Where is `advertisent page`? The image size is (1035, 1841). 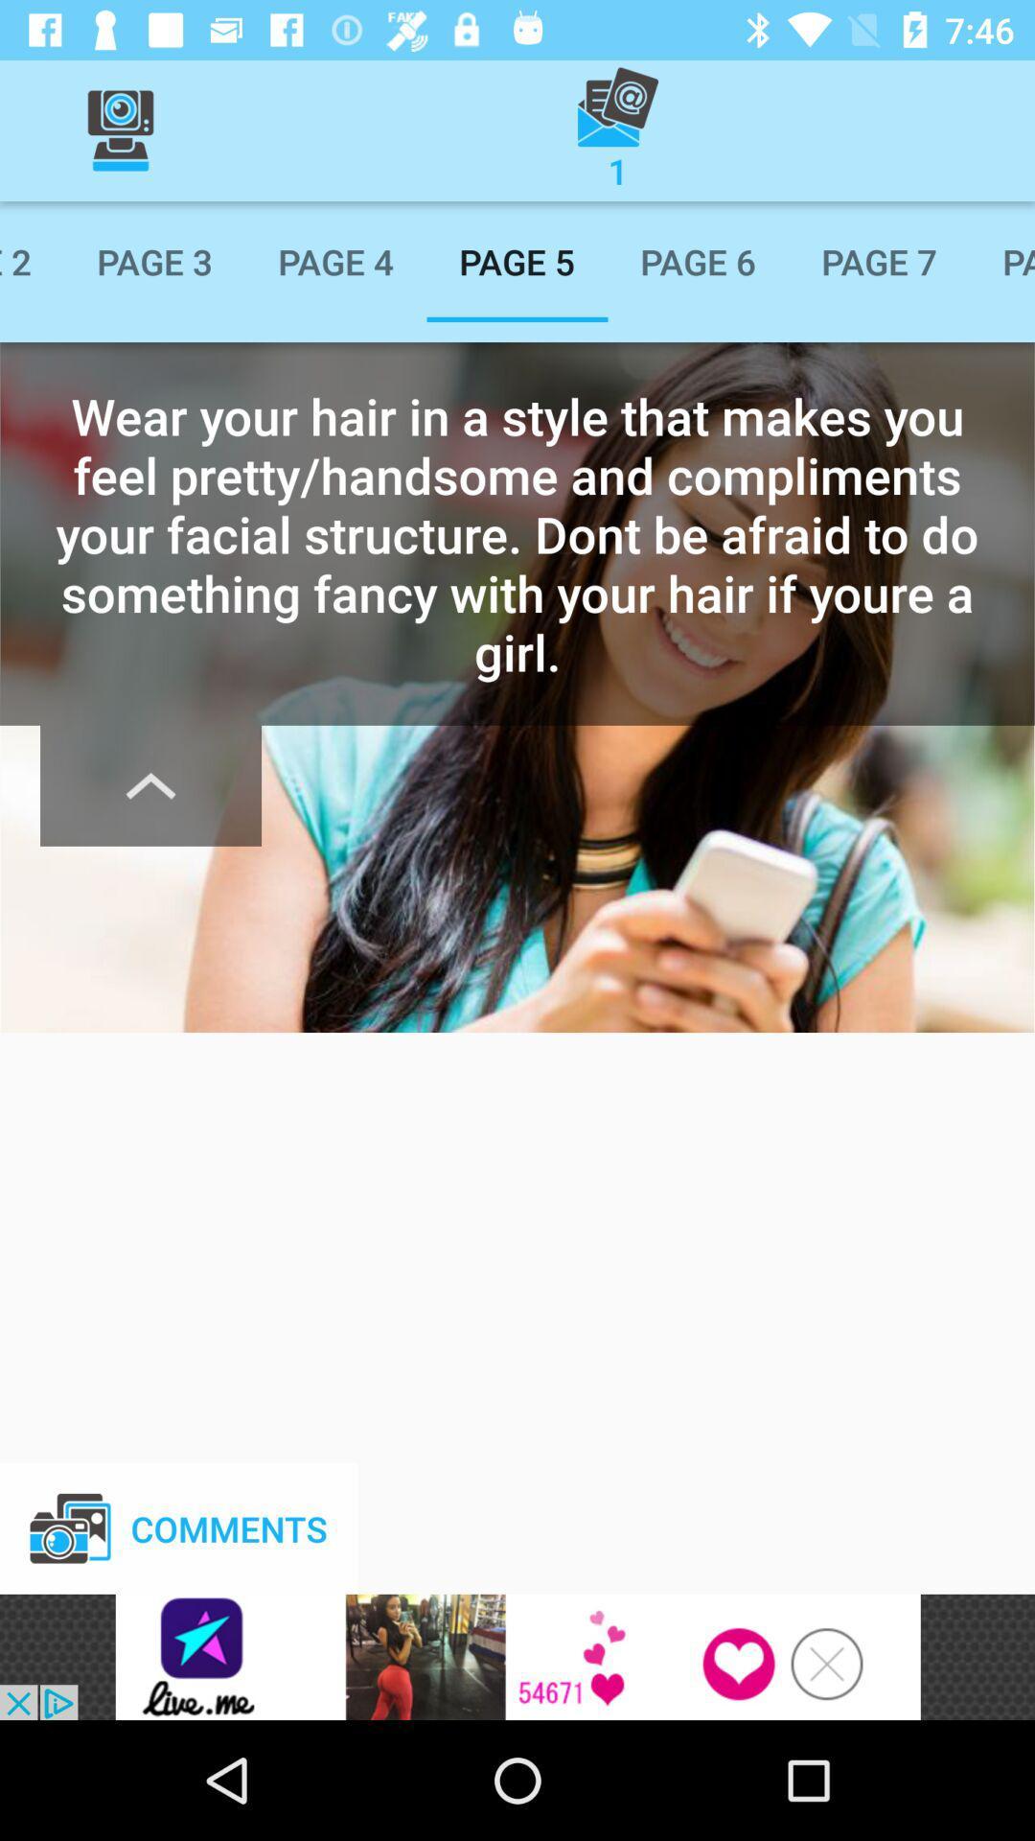
advertisent page is located at coordinates (517, 1656).